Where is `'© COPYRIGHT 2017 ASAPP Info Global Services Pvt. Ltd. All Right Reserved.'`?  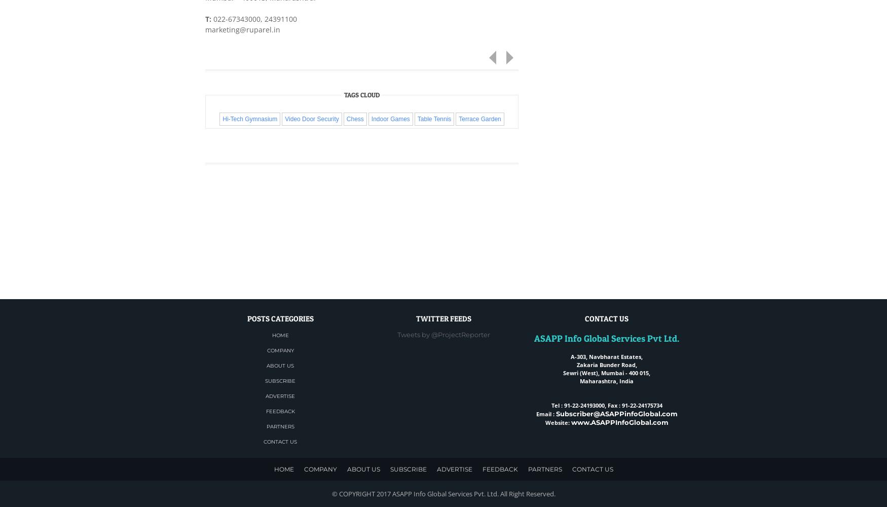 '© COPYRIGHT 2017 ASAPP Info Global Services Pvt. Ltd. All Right Reserved.' is located at coordinates (330, 493).